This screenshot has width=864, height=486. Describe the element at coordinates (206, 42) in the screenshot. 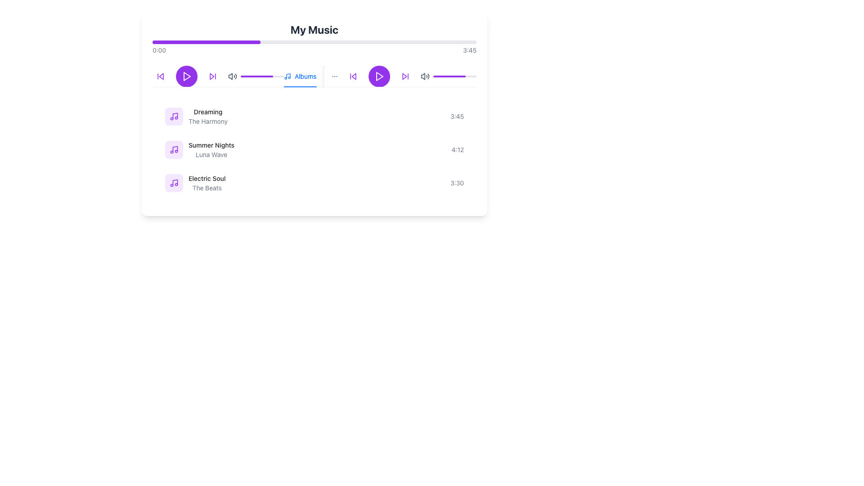

I see `the playback progress by interacting with the progress indicator, which visually represents the audio playback status within the audio player interface` at that location.